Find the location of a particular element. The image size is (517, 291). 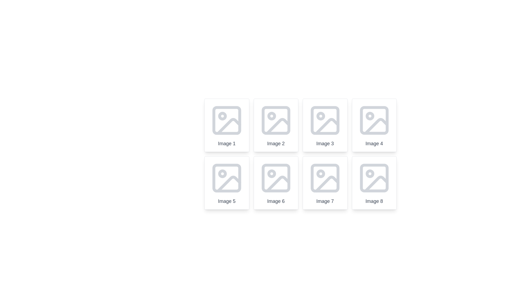

the SVG Icon representing 'Image 6' is located at coordinates (276, 178).